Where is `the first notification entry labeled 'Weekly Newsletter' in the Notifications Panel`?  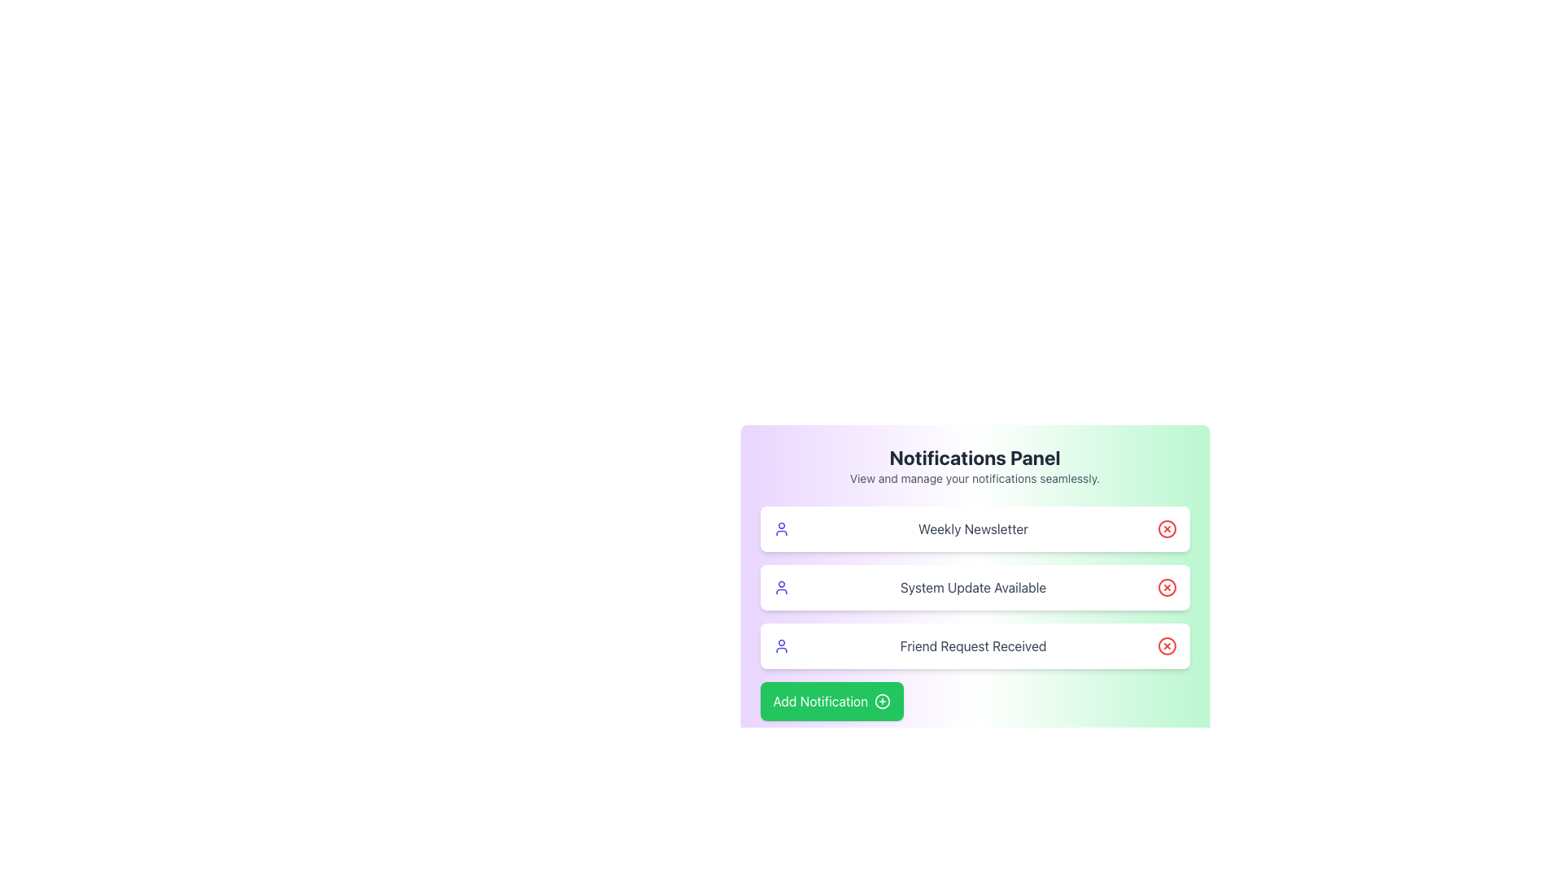
the first notification entry labeled 'Weekly Newsletter' in the Notifications Panel is located at coordinates (975, 529).